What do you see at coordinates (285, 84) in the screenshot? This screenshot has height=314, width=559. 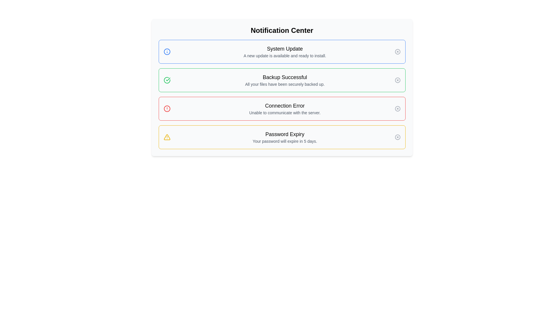 I see `the text string that says 'All your files have been securely backed up.' located in the second notification card from the top in the Notification Center, directly beneath 'Backup Successful'` at bounding box center [285, 84].